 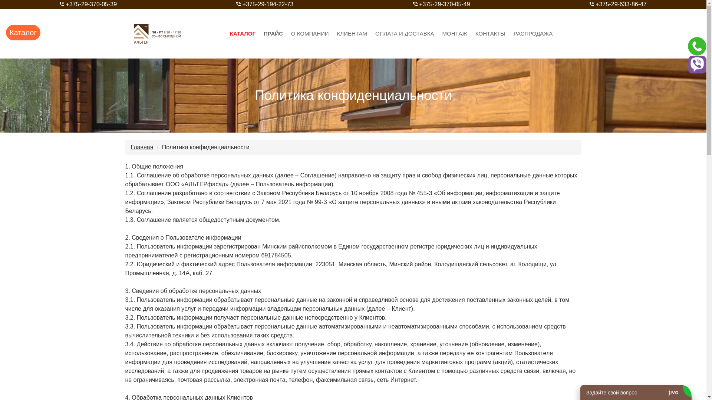 What do you see at coordinates (441, 4) in the screenshot?
I see `'+375-29-370-05-49'` at bounding box center [441, 4].